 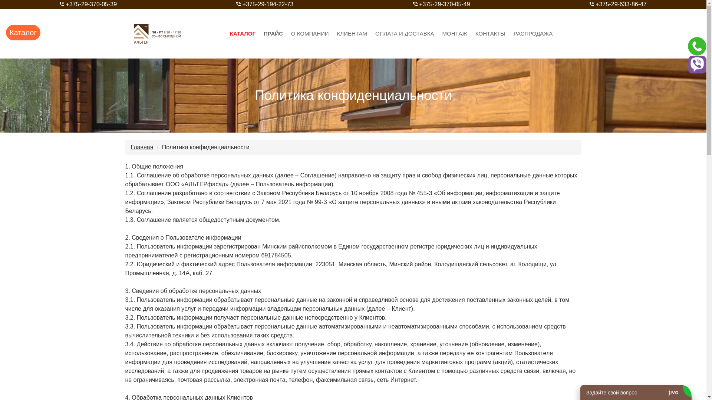 What do you see at coordinates (441, 4) in the screenshot?
I see `'+375-29-370-05-49'` at bounding box center [441, 4].